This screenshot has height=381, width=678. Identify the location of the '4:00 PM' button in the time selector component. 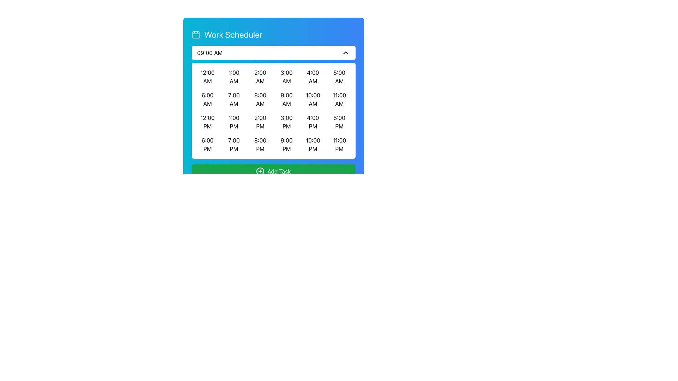
(313, 122).